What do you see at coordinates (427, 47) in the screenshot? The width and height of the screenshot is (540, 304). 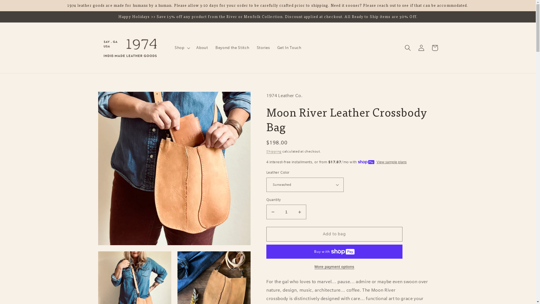 I see `'Bag'` at bounding box center [427, 47].